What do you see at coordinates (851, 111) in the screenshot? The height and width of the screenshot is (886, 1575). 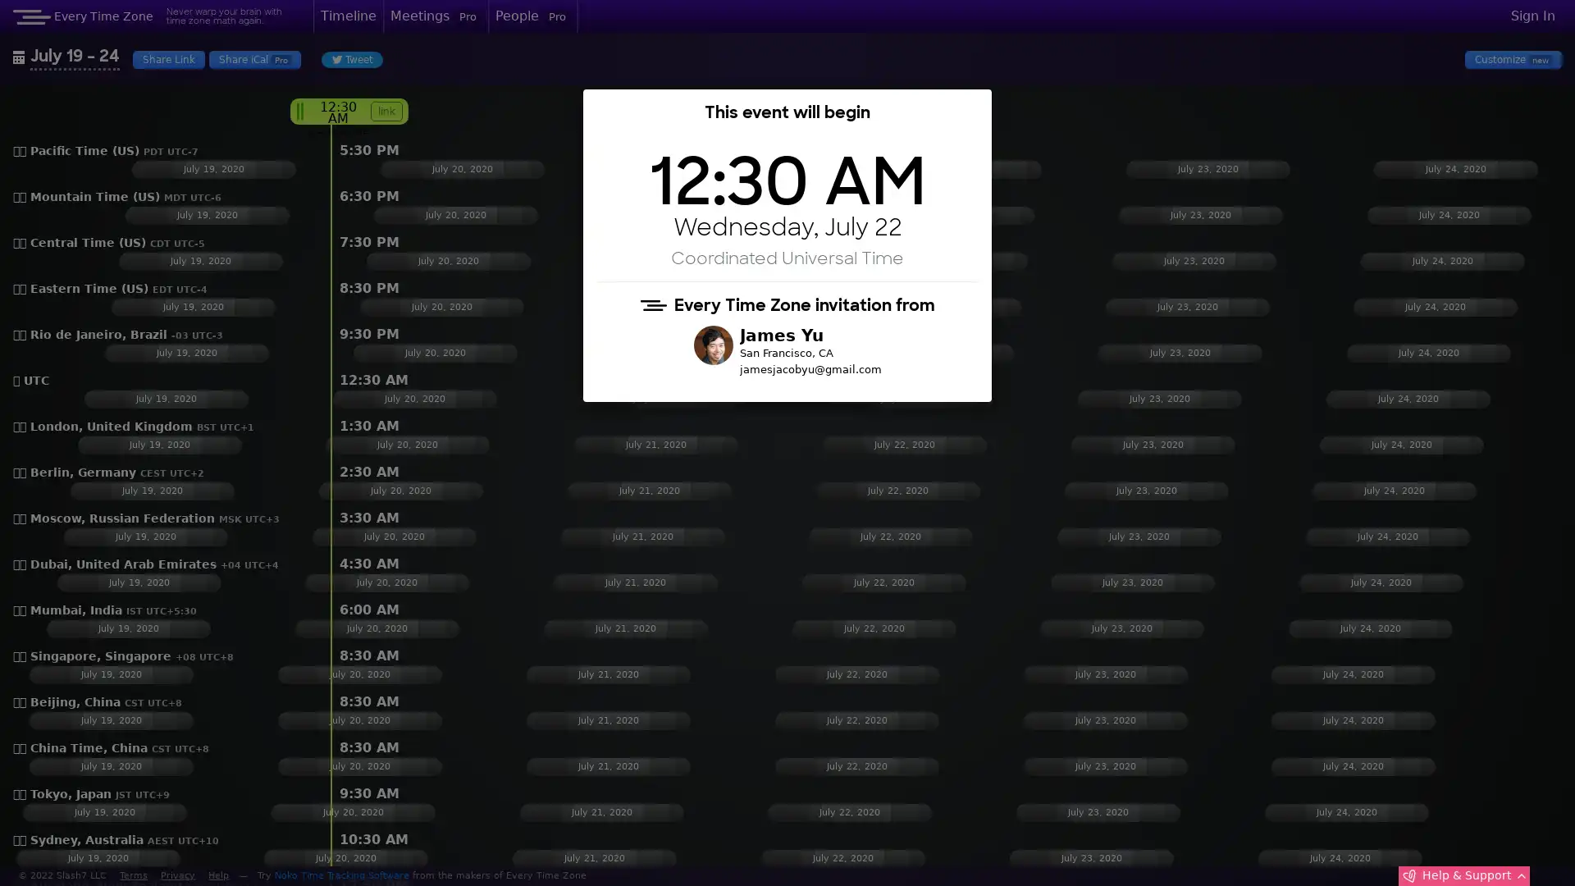 I see `link` at bounding box center [851, 111].